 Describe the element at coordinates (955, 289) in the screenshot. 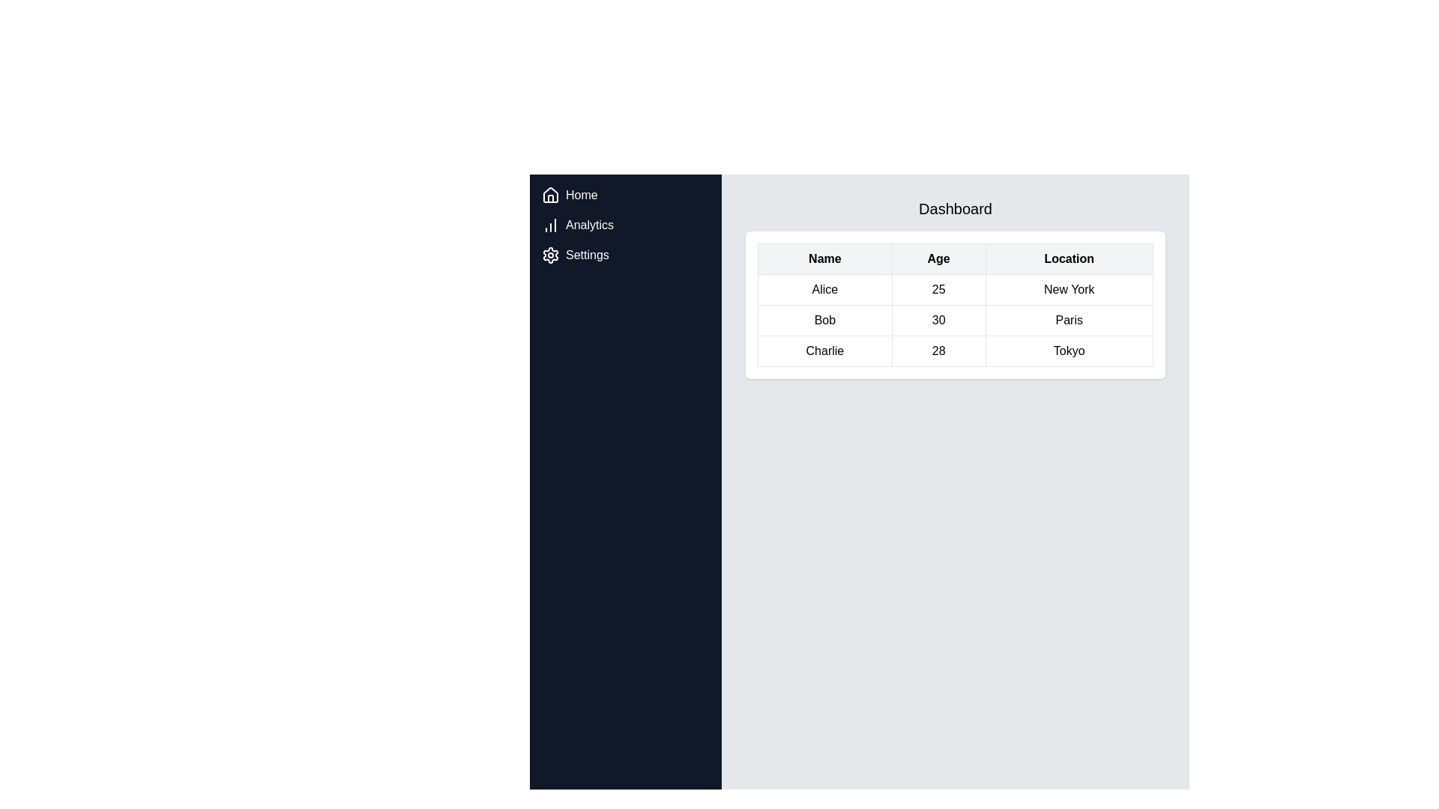

I see `the first row of the table displaying user-specific data including name, age, and location` at that location.